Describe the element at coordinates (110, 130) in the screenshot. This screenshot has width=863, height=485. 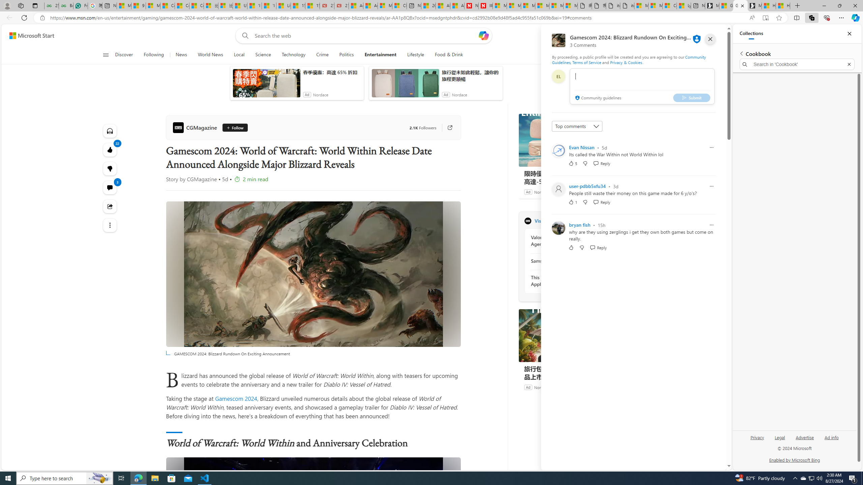
I see `'Listen to this article'` at that location.